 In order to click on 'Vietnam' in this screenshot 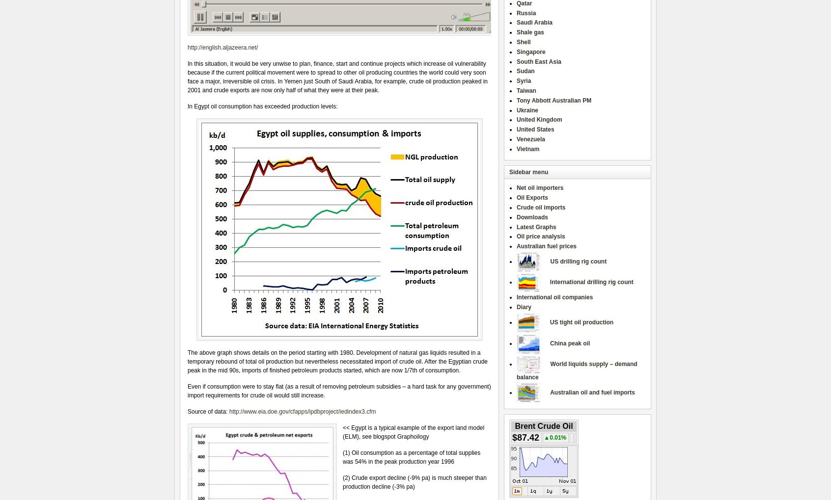, I will do `click(527, 148)`.